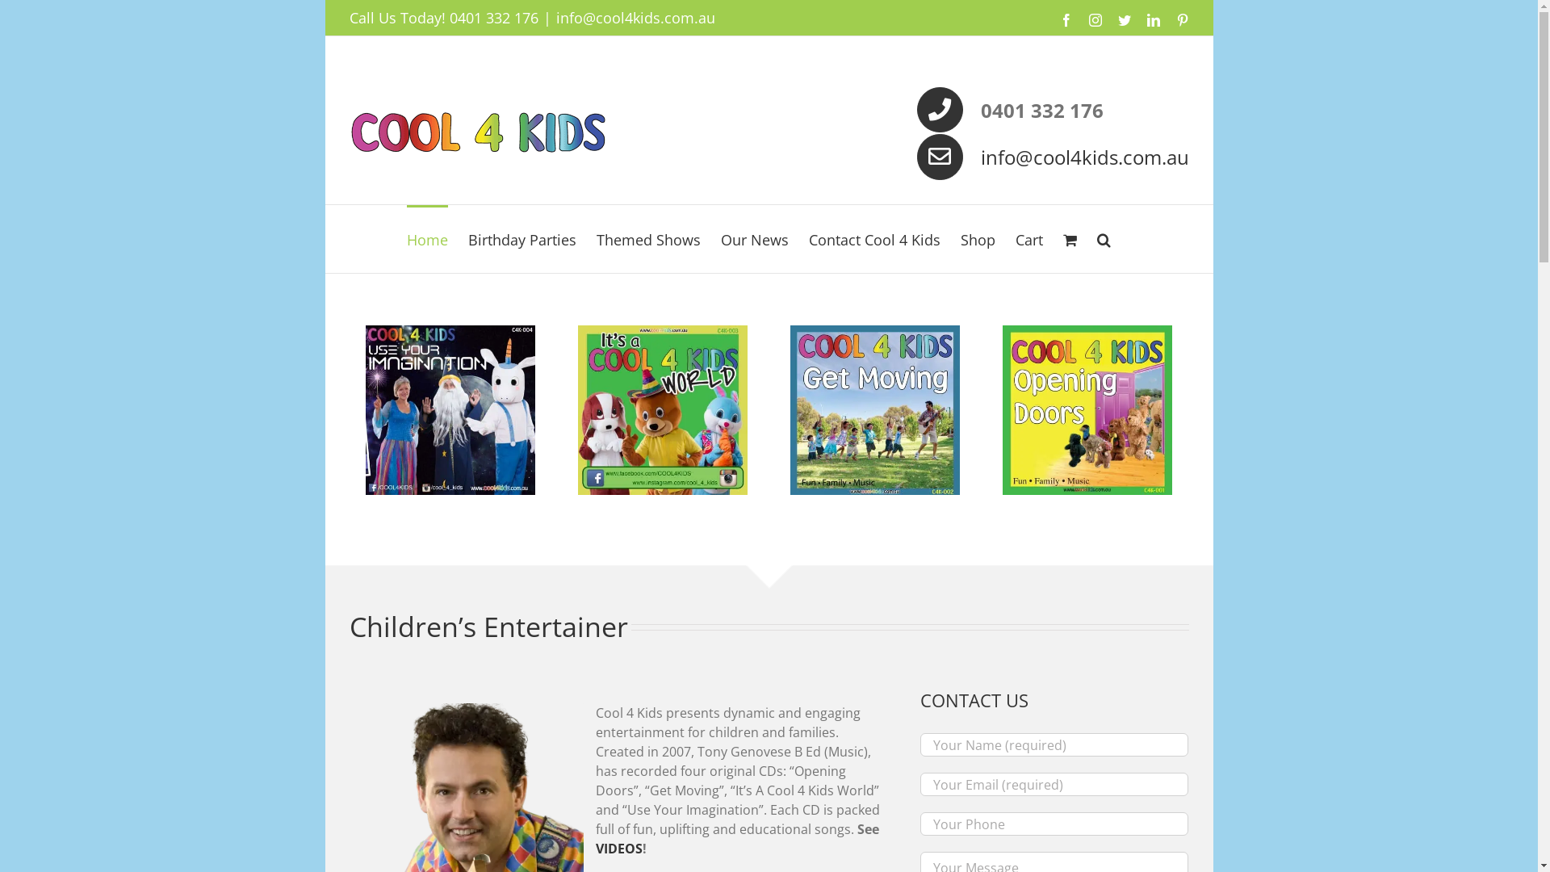 The height and width of the screenshot is (872, 1550). Describe the element at coordinates (618, 847) in the screenshot. I see `'VIDEOS'` at that location.